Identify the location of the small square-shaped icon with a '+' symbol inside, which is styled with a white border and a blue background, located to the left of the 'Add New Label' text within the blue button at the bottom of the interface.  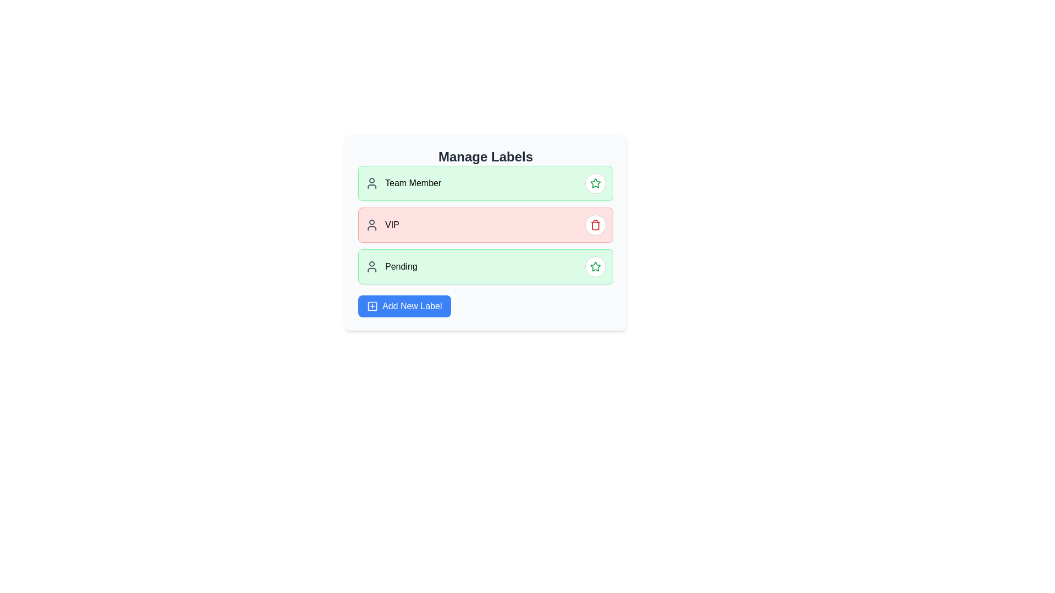
(372, 306).